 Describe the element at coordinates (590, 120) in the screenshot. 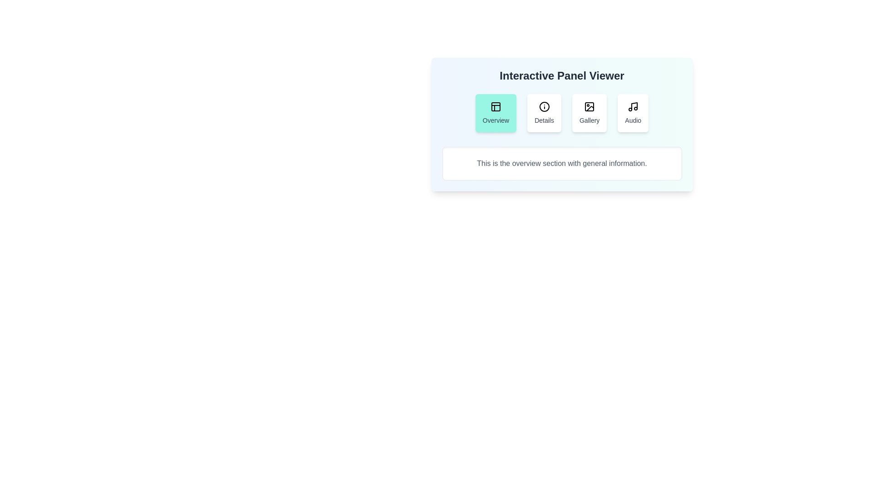

I see `the 'Gallery' text label, which is styled in gray and located below the gallery image icon within a card-like interactive button in the top-center of the interface` at that location.